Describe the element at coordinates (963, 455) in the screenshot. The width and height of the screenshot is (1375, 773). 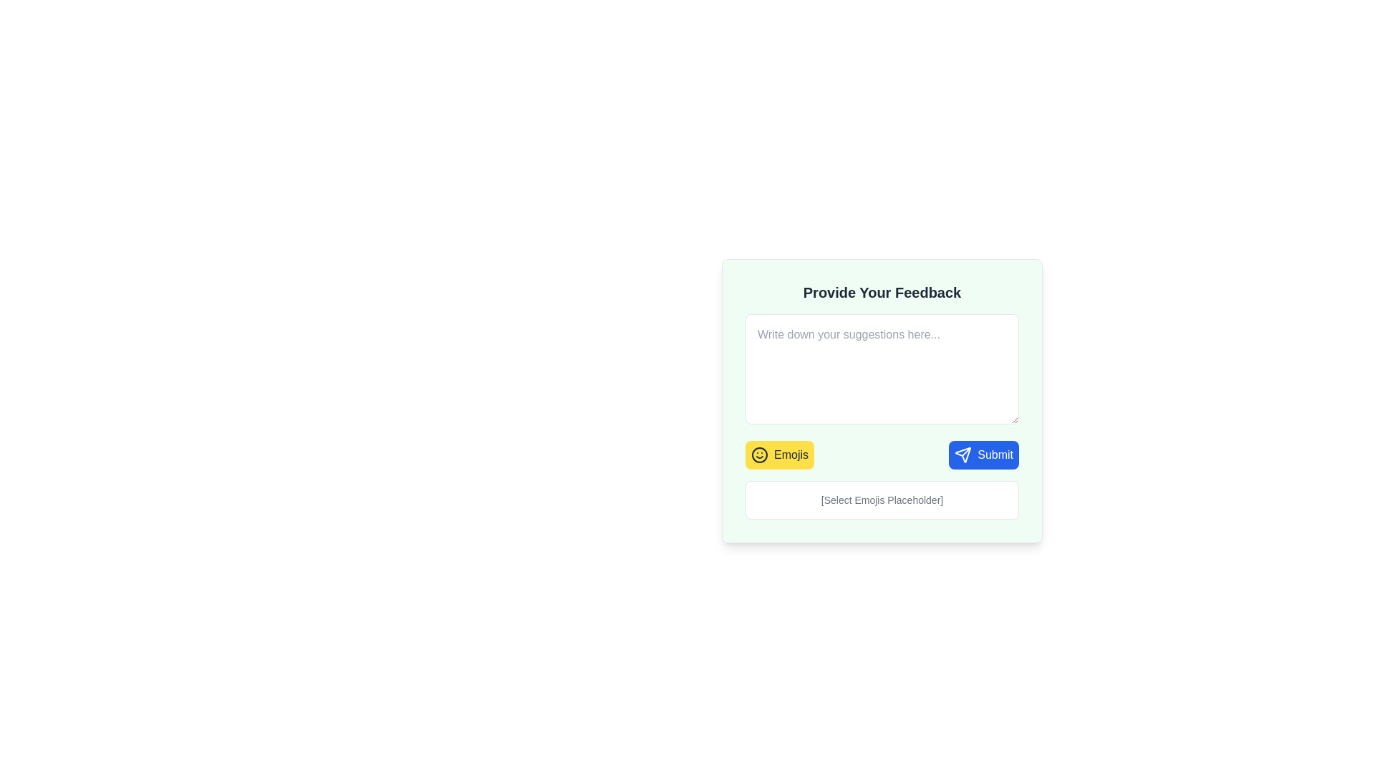
I see `the arrow icon within the blue 'Submit' button located at the bottom right of the feedback section` at that location.